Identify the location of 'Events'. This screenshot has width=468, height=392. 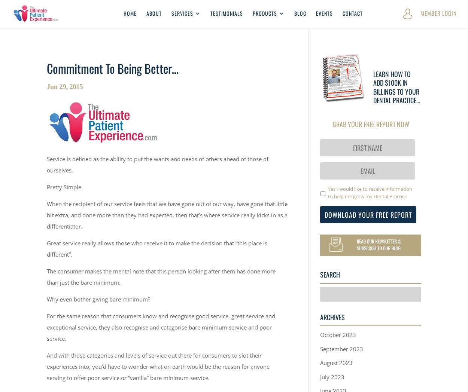
(324, 12).